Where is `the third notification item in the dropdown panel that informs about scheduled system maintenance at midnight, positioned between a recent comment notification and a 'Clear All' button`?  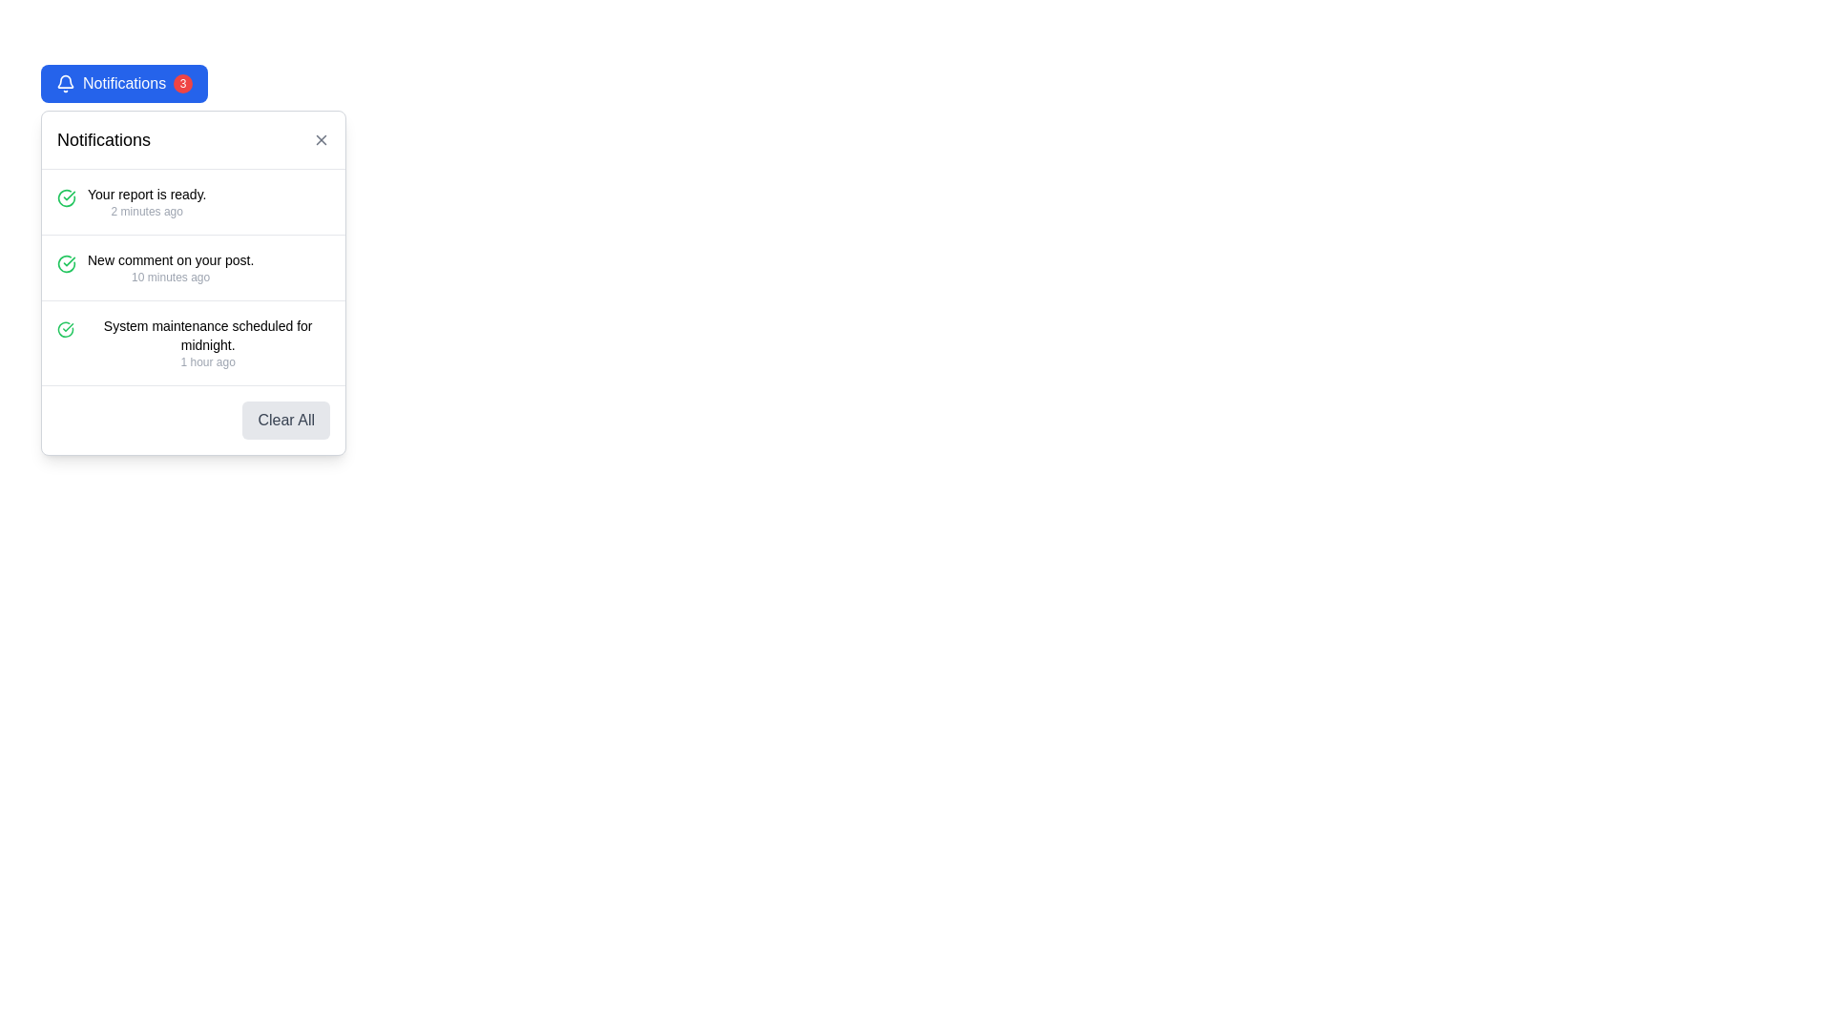
the third notification item in the dropdown panel that informs about scheduled system maintenance at midnight, positioned between a recent comment notification and a 'Clear All' button is located at coordinates (193, 340).